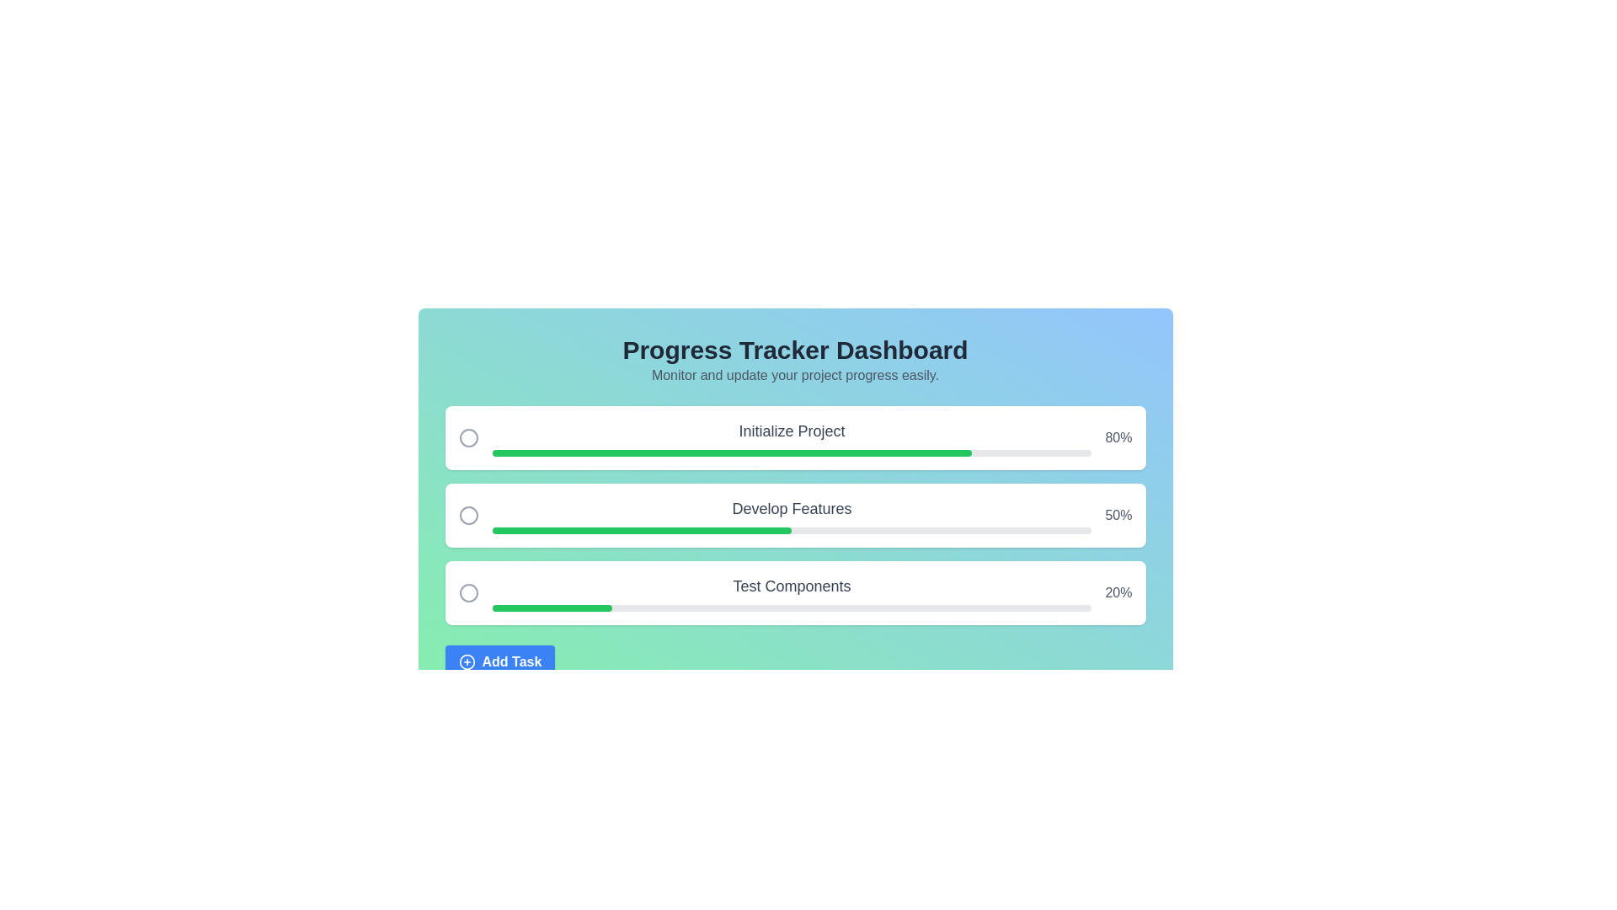 The height and width of the screenshot is (910, 1617). Describe the element at coordinates (641, 529) in the screenshot. I see `green progress bar fill segment located beneath the 'Develop Features' label in the second progress bar of the dashboard to check its progress value` at that location.